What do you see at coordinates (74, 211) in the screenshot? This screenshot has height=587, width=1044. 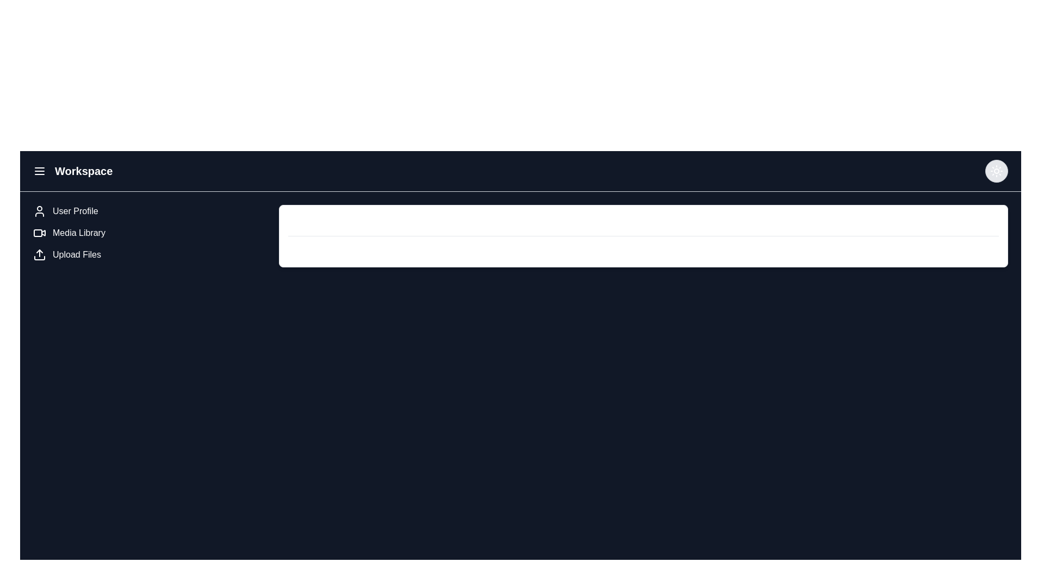 I see `user profile label located to the right of the user avatar icon, positioned towards the top-left side of the interface` at bounding box center [74, 211].